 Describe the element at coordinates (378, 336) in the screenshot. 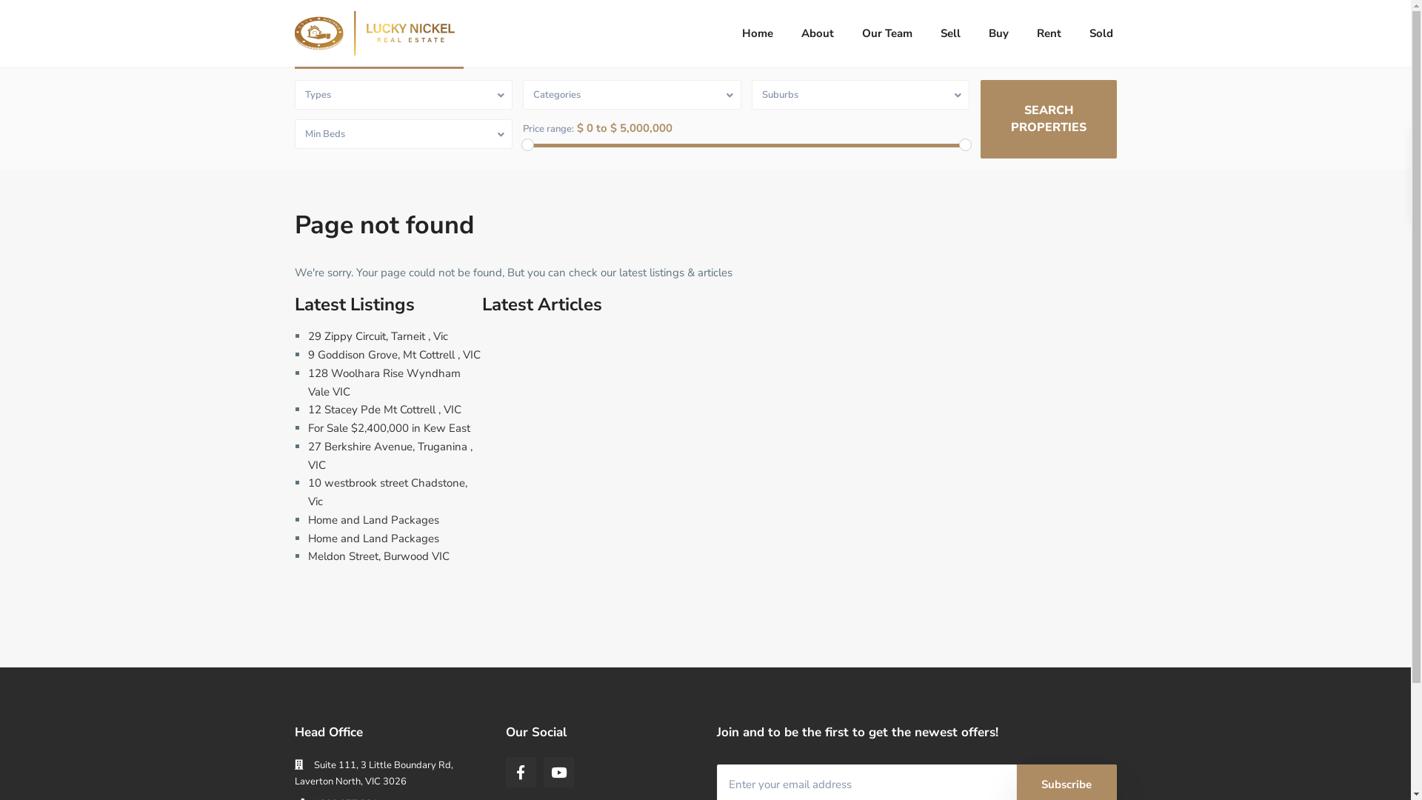

I see `'29 Zippy Circuit, Tarneit , Vic'` at that location.